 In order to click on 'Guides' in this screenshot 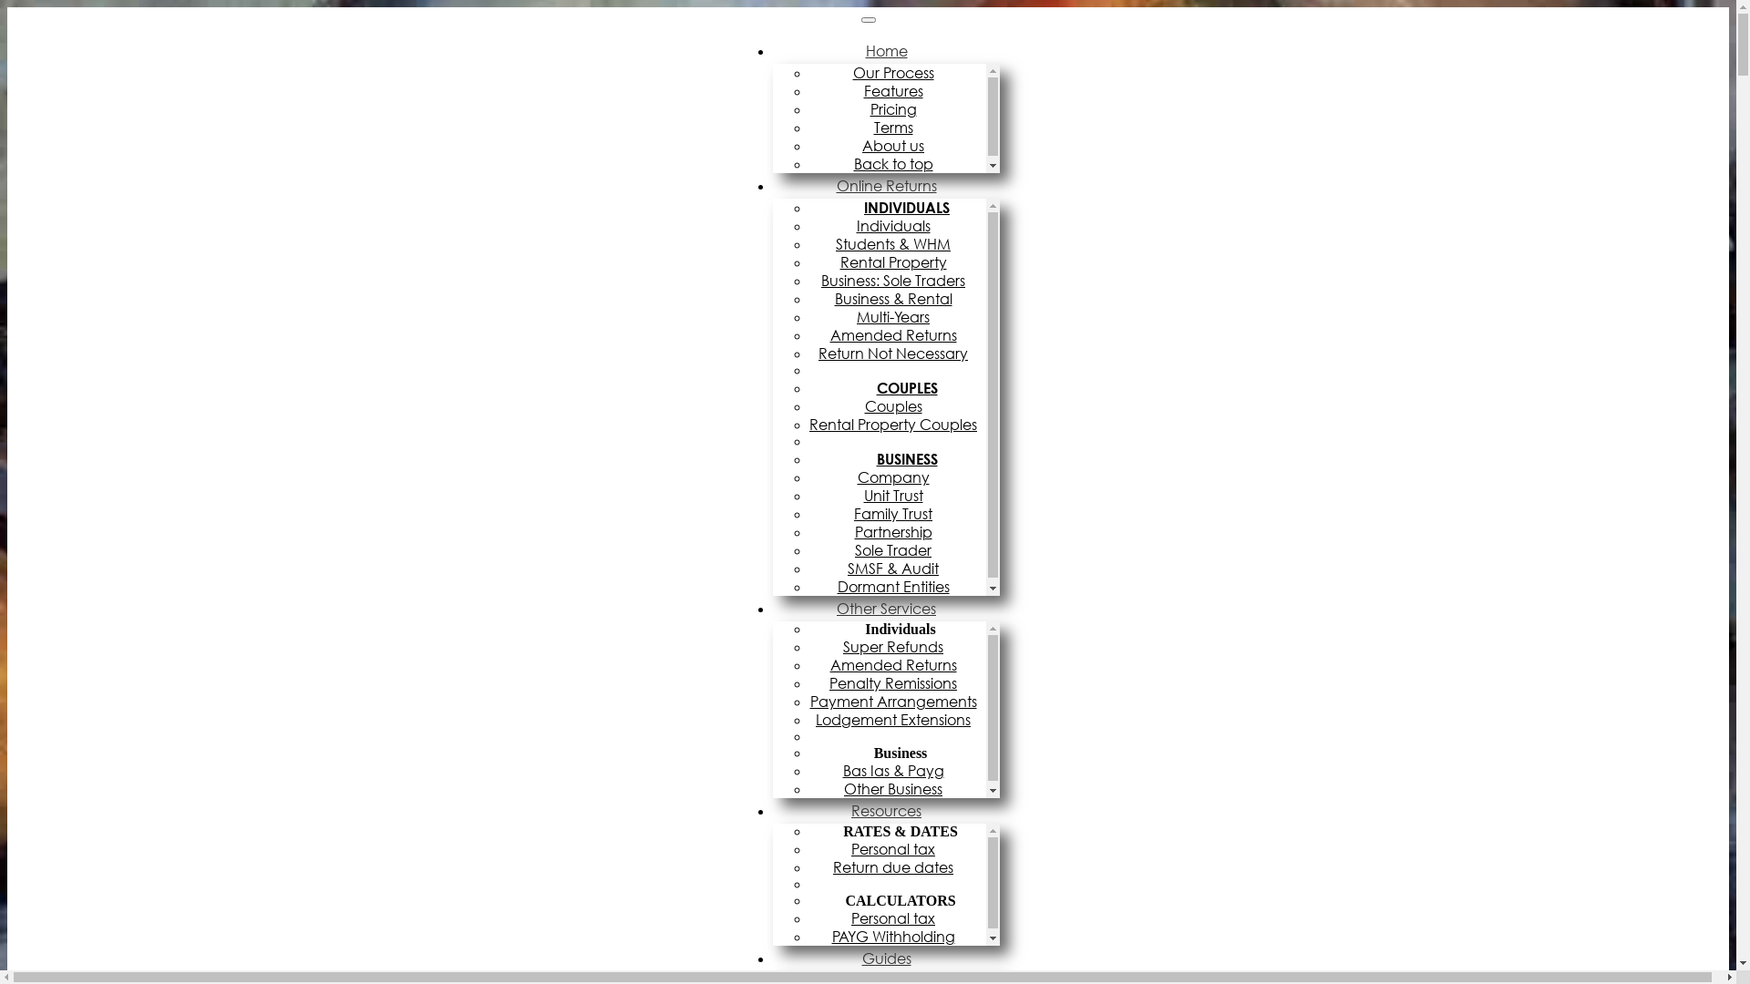, I will do `click(887, 958)`.